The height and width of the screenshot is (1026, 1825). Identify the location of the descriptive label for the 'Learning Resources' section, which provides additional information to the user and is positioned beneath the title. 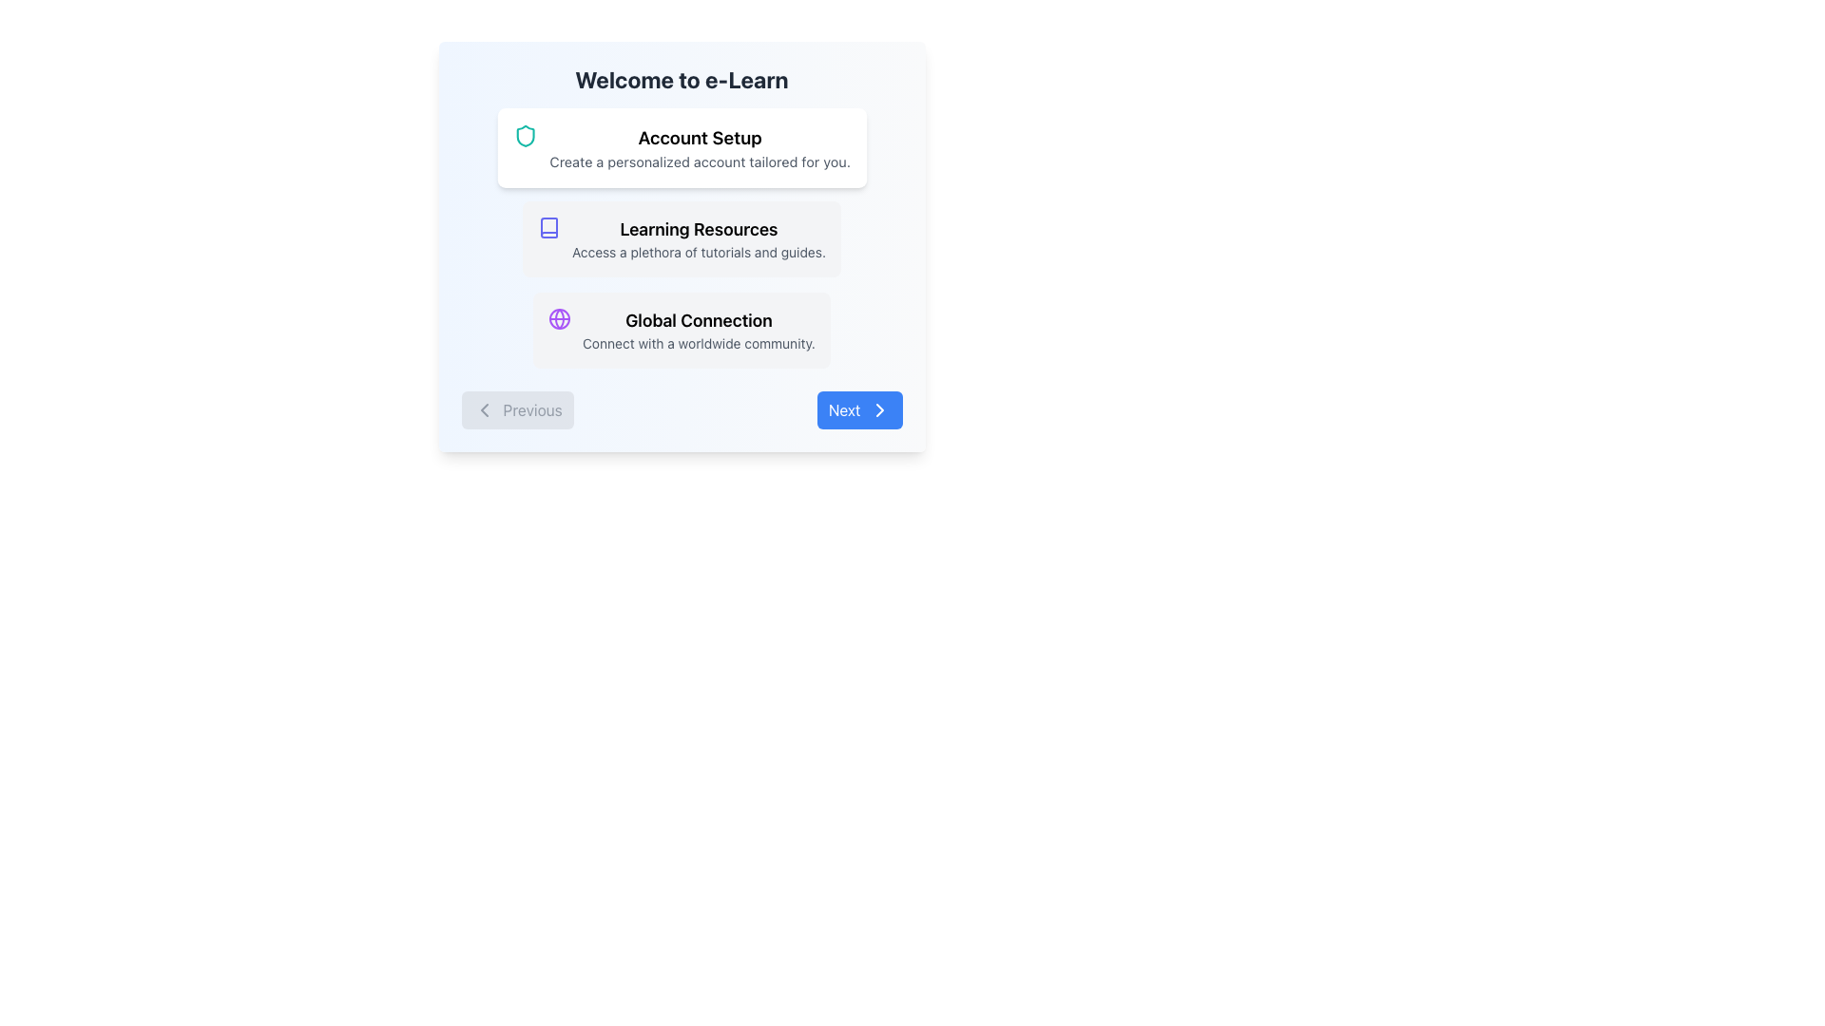
(698, 252).